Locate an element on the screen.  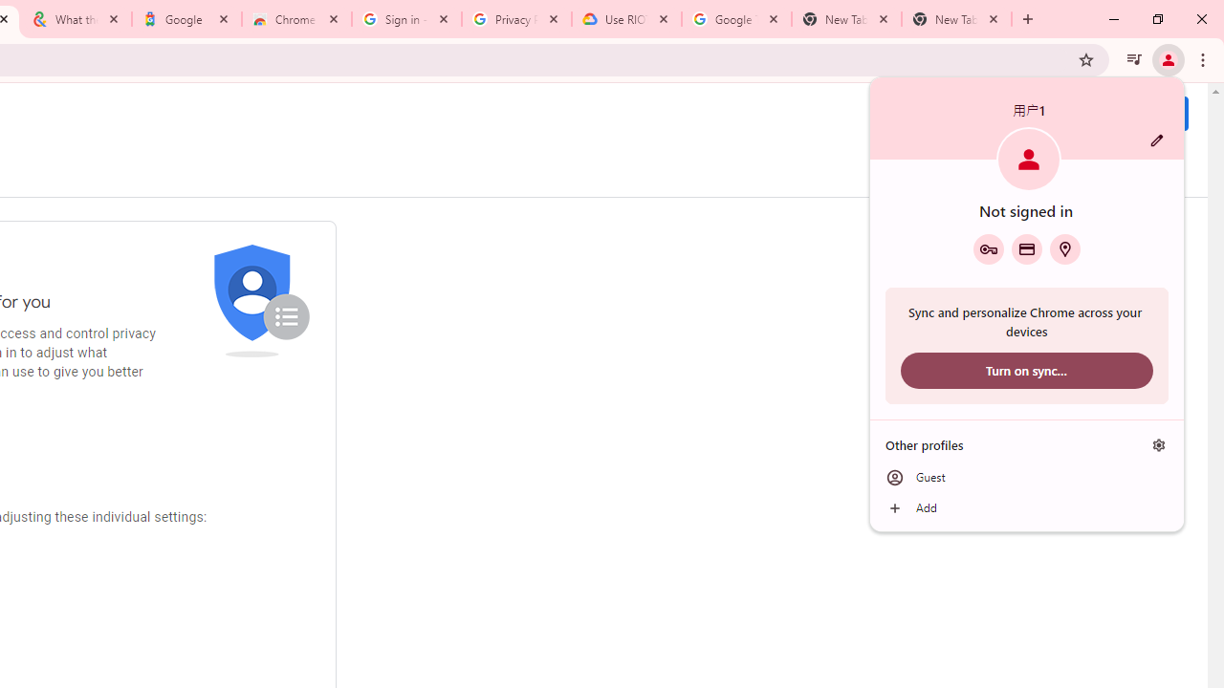
'Customize profile' is located at coordinates (1156, 140).